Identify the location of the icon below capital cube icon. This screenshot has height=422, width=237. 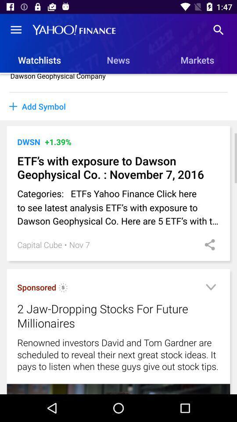
(63, 288).